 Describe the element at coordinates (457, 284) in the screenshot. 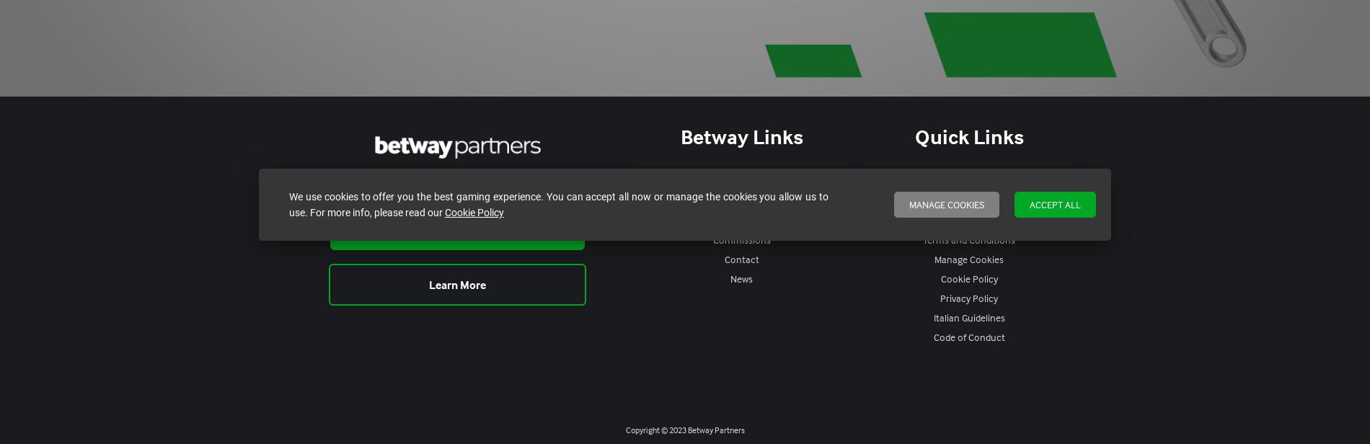

I see `'Learn More'` at that location.